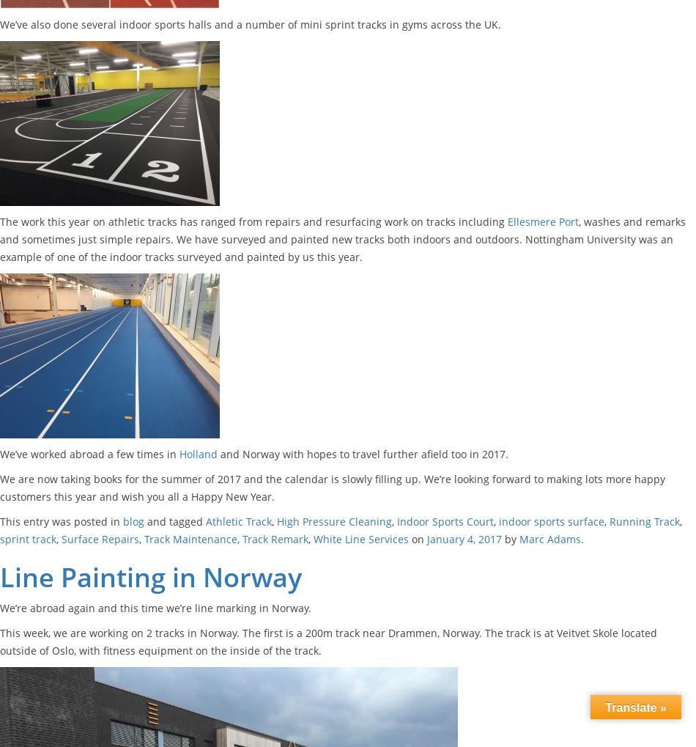  What do you see at coordinates (190, 539) in the screenshot?
I see `'Track Maintenance'` at bounding box center [190, 539].